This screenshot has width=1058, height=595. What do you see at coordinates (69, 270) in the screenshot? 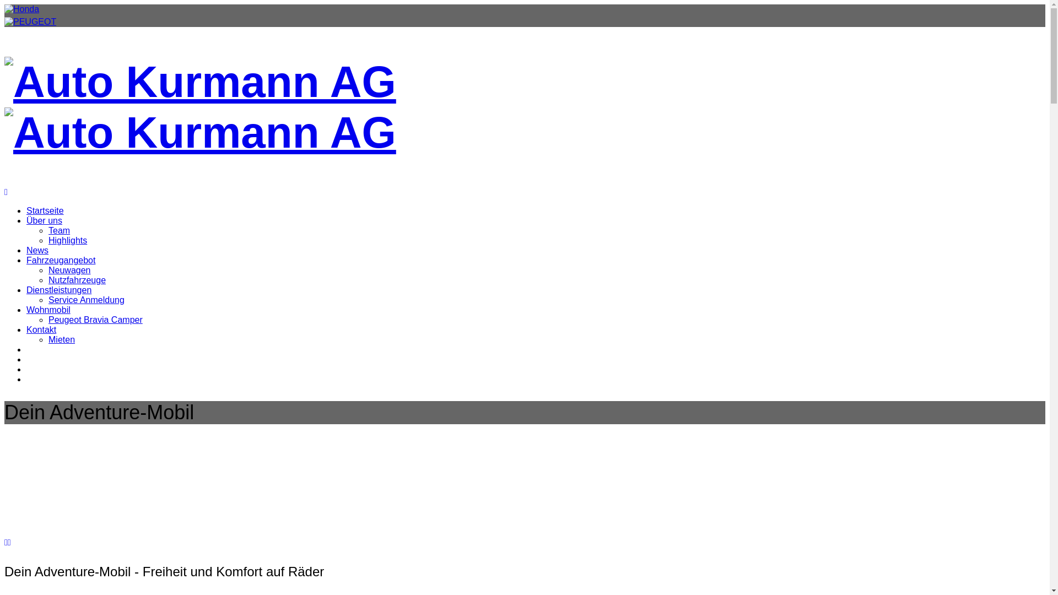
I see `'Neuwagen'` at bounding box center [69, 270].